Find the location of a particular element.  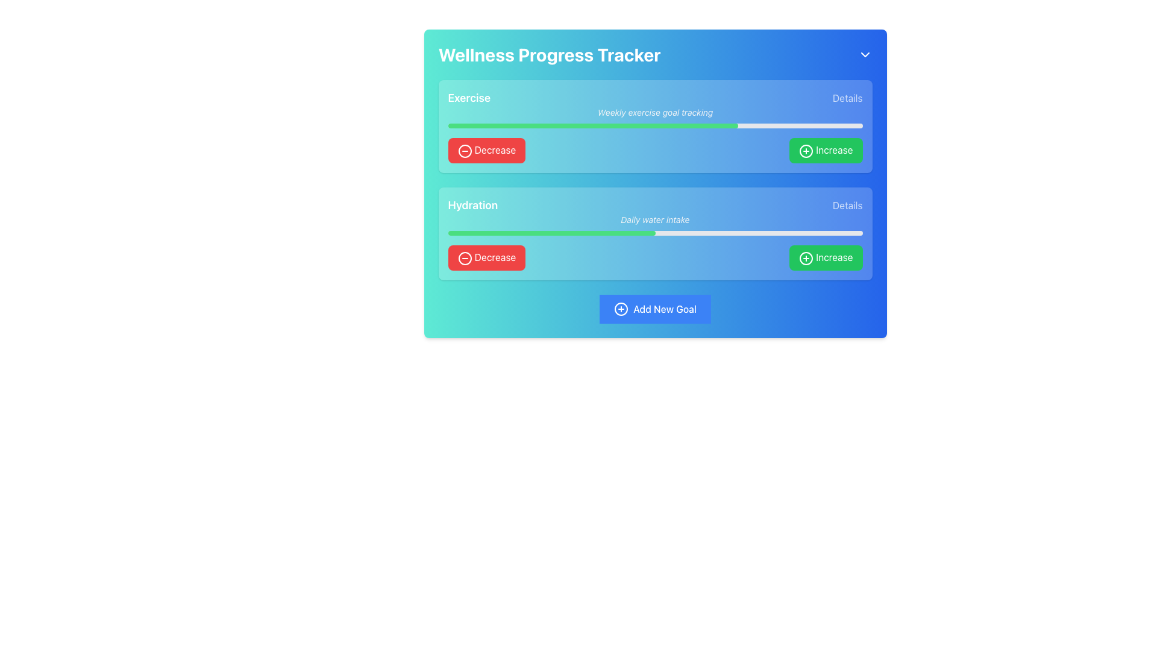

the circular 'Increase' button icon with a plus sign, which is framed in green, to trigger hover effects is located at coordinates (806, 150).